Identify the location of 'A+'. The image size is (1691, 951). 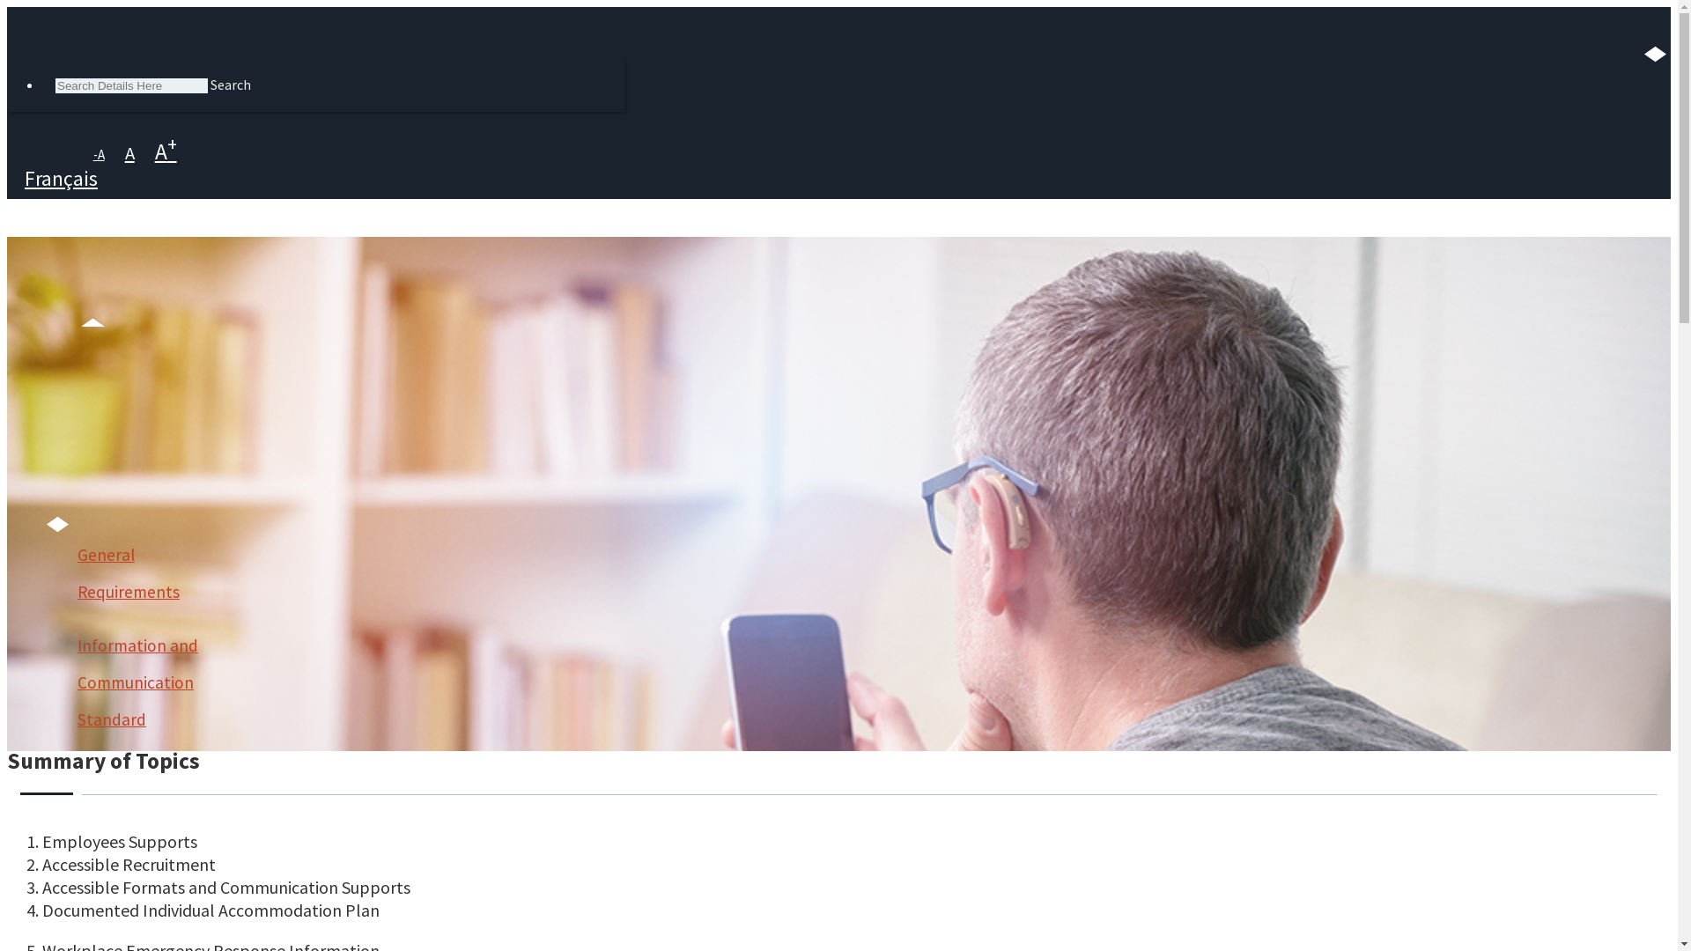
(146, 151).